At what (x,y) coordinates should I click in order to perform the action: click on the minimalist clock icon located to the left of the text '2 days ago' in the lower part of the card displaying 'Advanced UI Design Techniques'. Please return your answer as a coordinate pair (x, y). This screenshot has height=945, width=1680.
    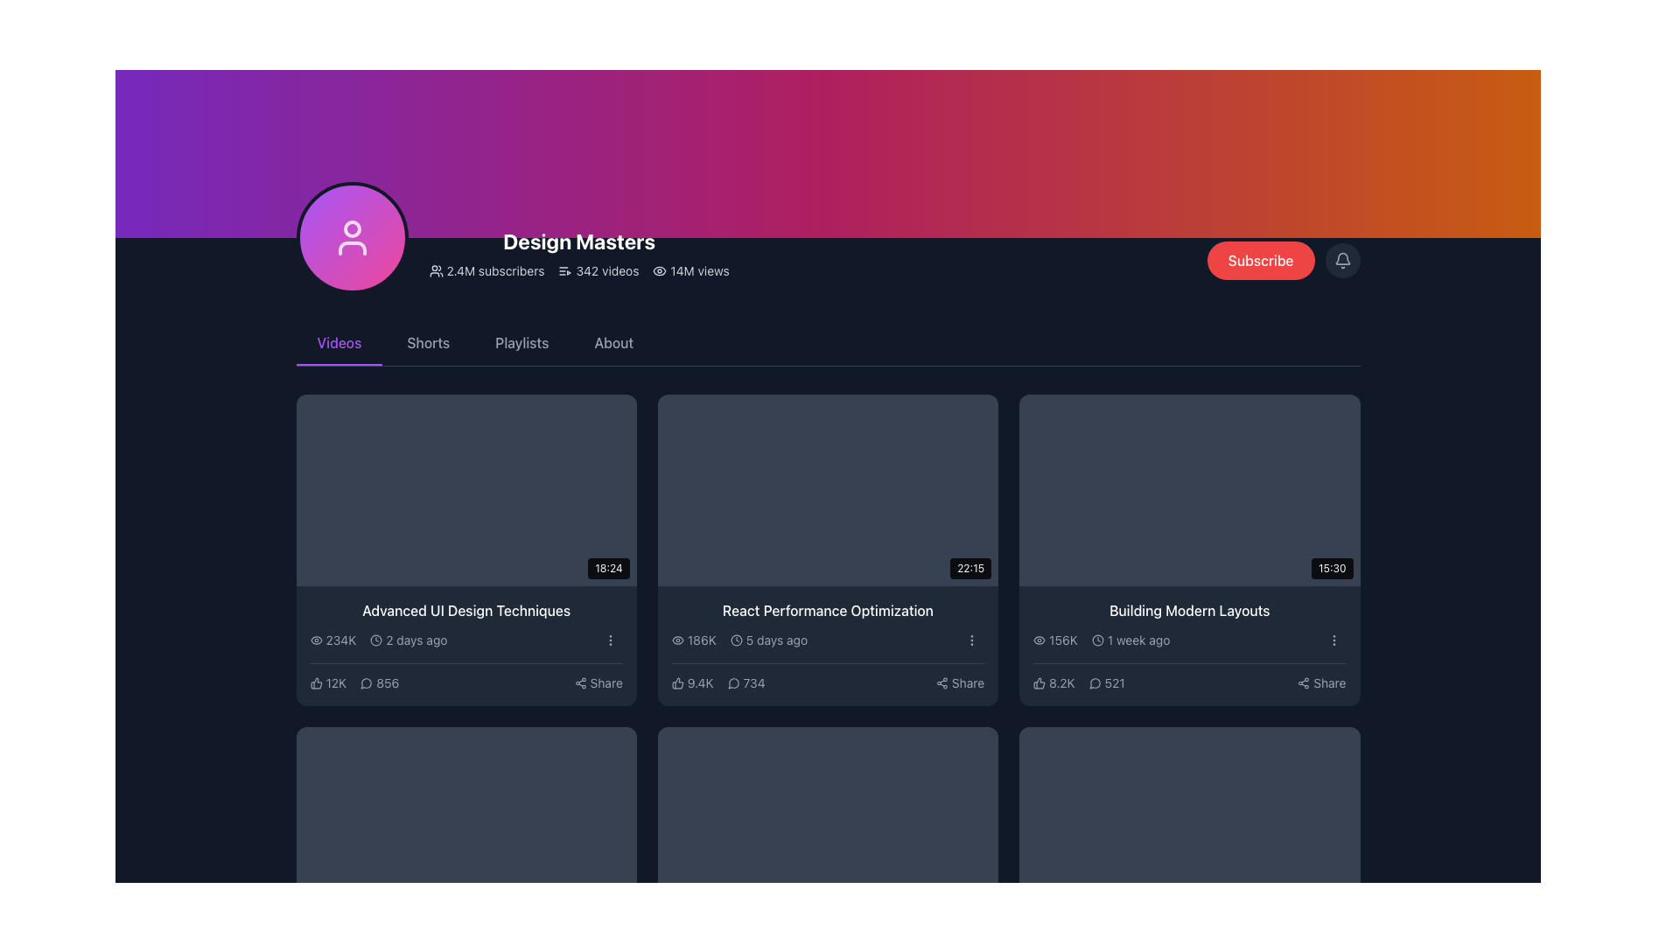
    Looking at the image, I should click on (375, 640).